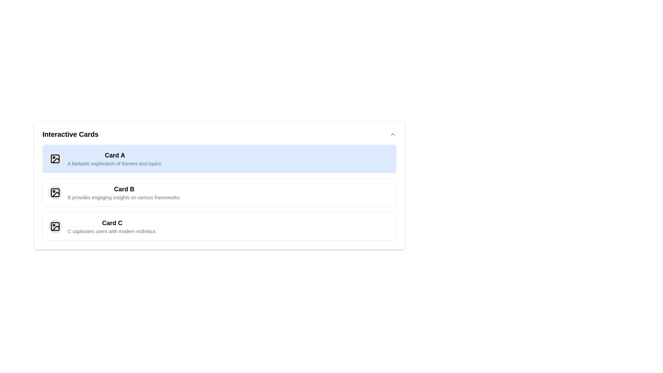 This screenshot has height=373, width=663. I want to click on the photograph icon located at the top-left corner of 'Card A', which features a circular shape within a rectangular outline and is styled with black strokes on a light background, so click(55, 159).